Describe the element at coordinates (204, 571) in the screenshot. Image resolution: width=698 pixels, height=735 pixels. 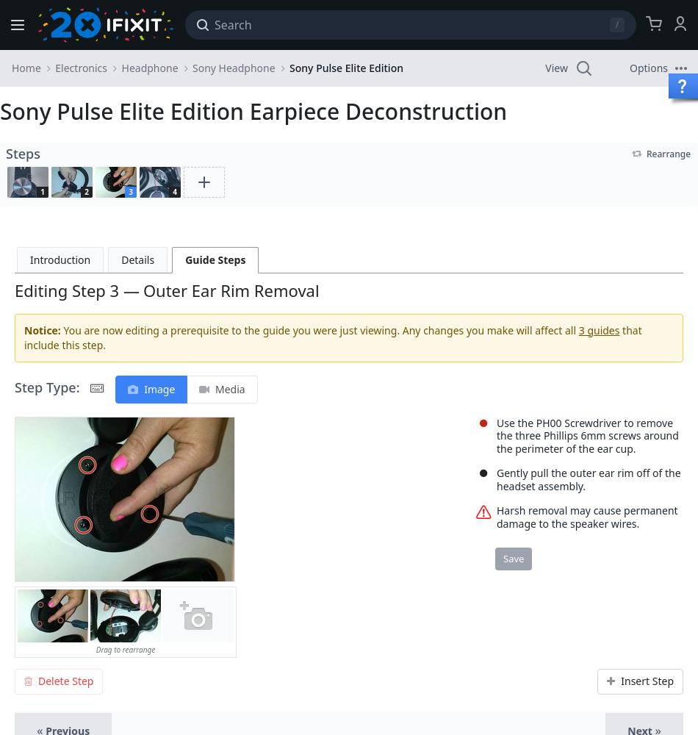
I see `'EDIT'` at that location.